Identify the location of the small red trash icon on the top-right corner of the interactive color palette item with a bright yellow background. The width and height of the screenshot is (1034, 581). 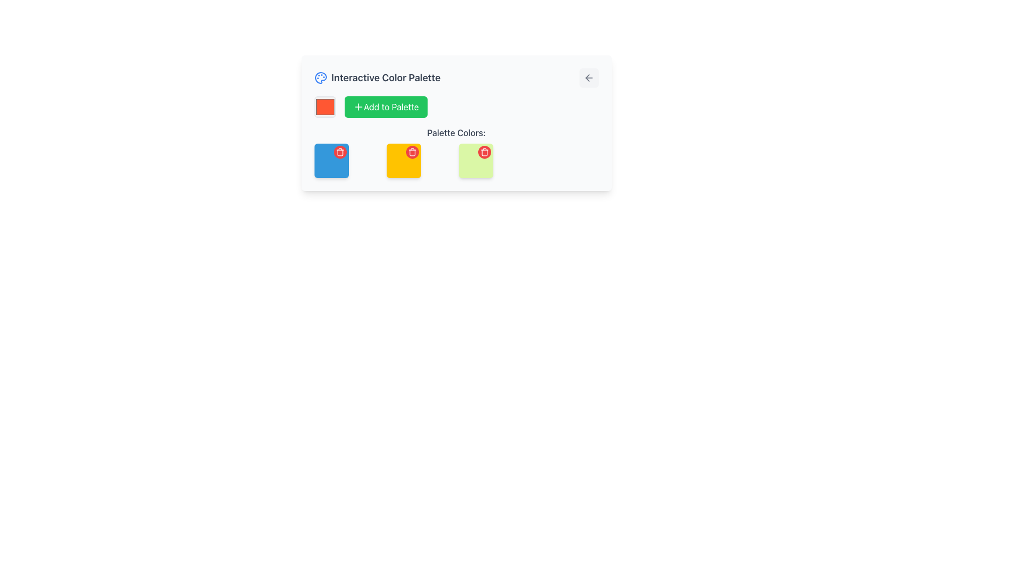
(403, 161).